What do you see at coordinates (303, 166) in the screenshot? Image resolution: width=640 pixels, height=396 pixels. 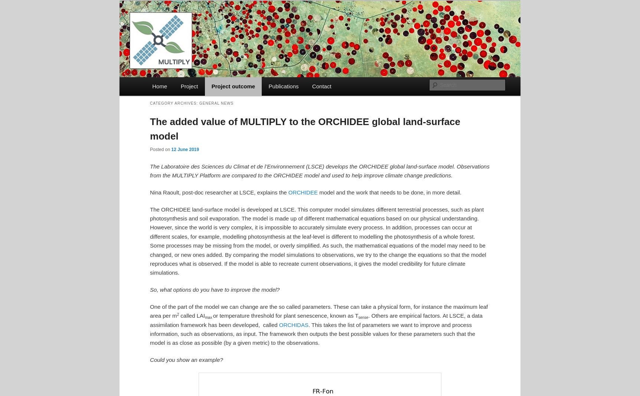 I see `'The Laboratoire des Sciences du Climat et de l’Environnement (LSCE) develops the ORCHIDEE global land-surface model.'` at bounding box center [303, 166].